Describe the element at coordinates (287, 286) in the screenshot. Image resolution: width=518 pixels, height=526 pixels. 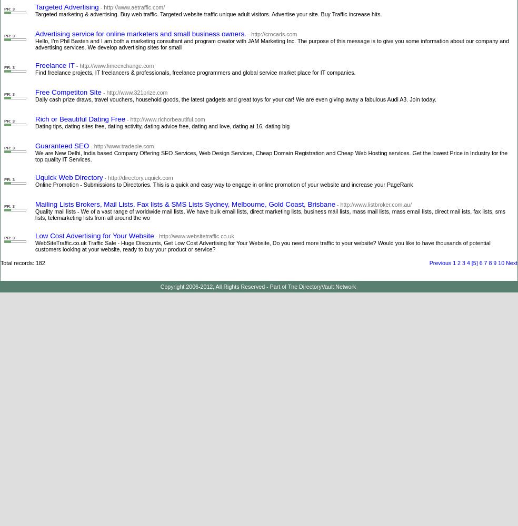
I see `'The DirectoryVault Network'` at that location.